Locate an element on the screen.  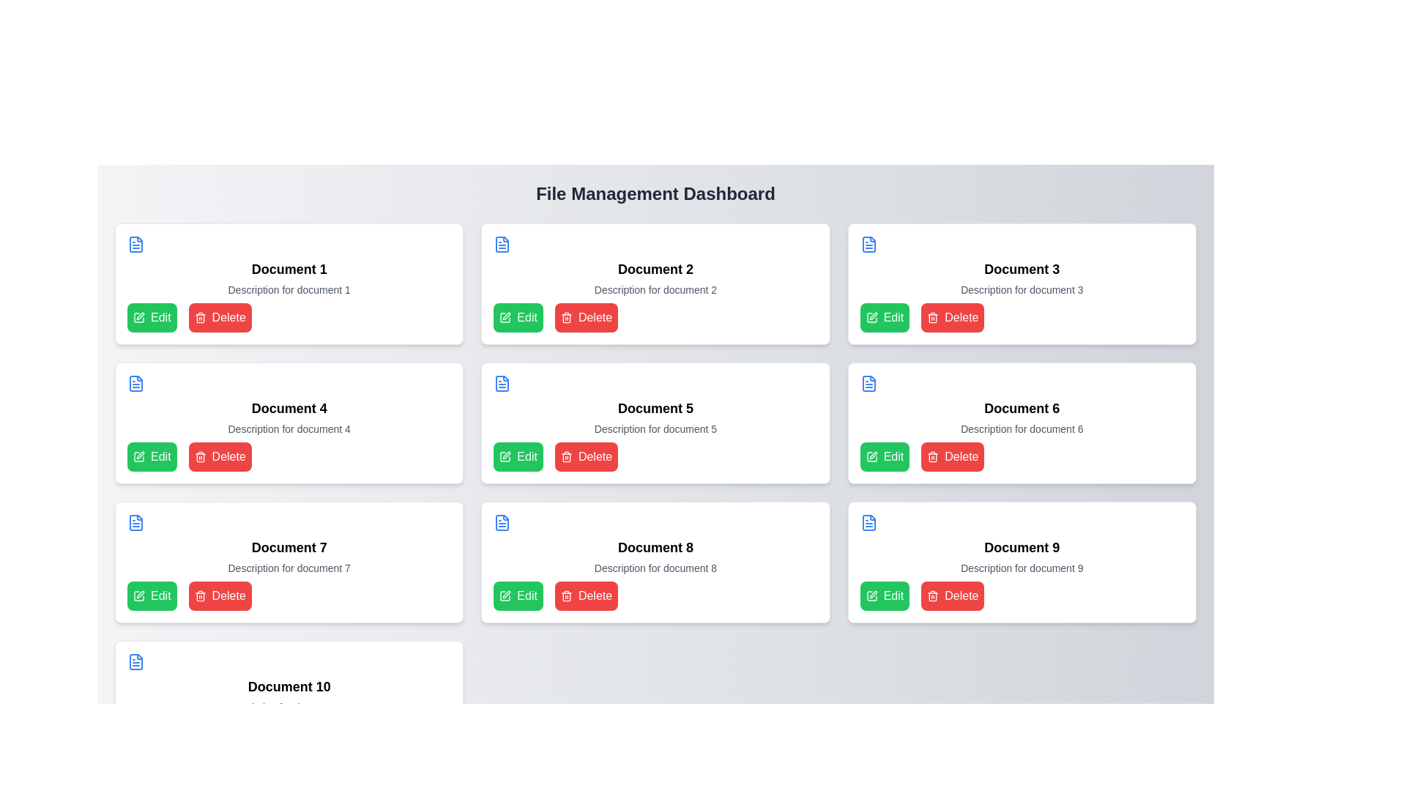
the blue file icon located in the top-left corner of the 'Document 3' card is located at coordinates (868, 244).